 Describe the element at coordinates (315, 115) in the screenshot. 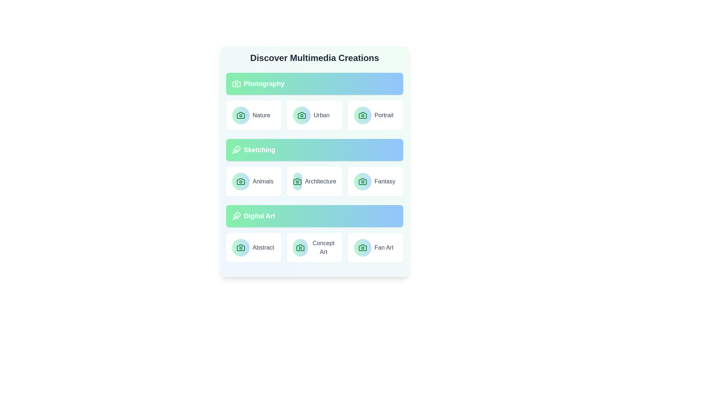

I see `the item Urban within the category Photography` at that location.